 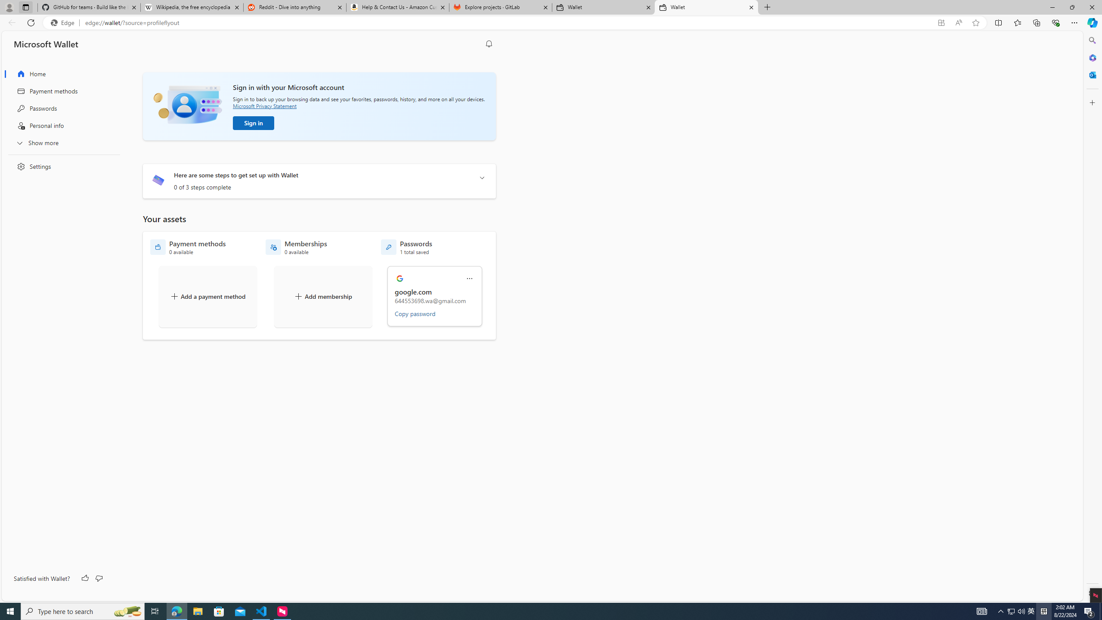 What do you see at coordinates (207, 297) in the screenshot?
I see `'Add a payment method'` at bounding box center [207, 297].